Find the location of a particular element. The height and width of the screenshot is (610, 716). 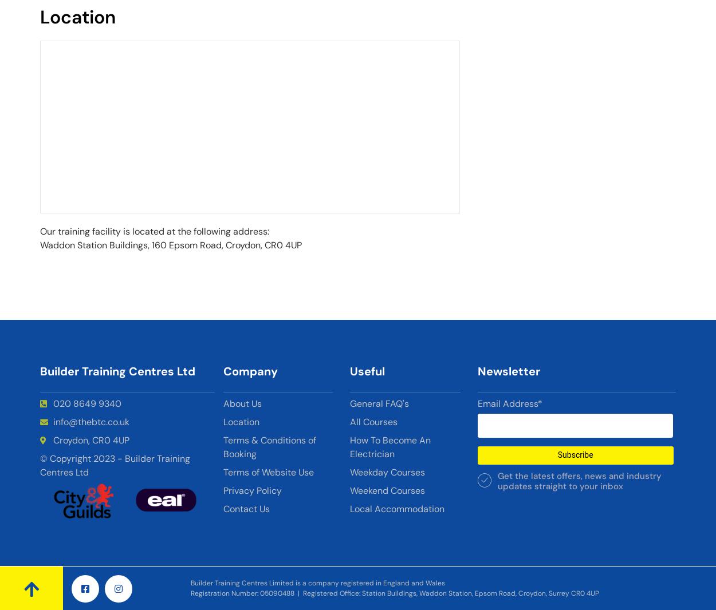

'Useful' is located at coordinates (367, 370).